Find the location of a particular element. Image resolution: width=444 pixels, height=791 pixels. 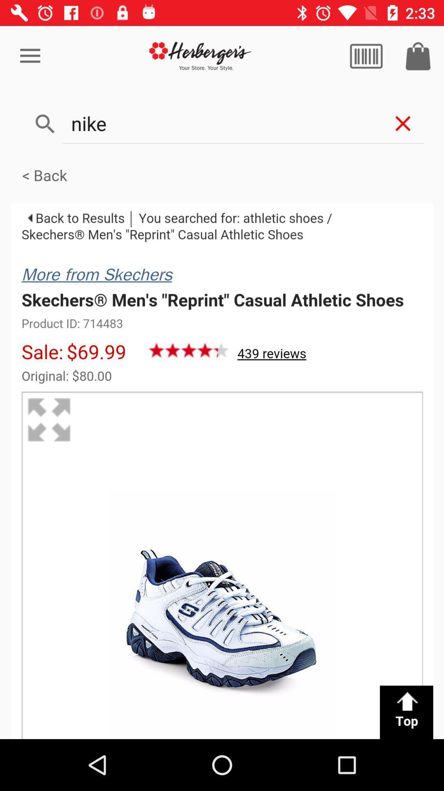

icon is located at coordinates (418, 56).